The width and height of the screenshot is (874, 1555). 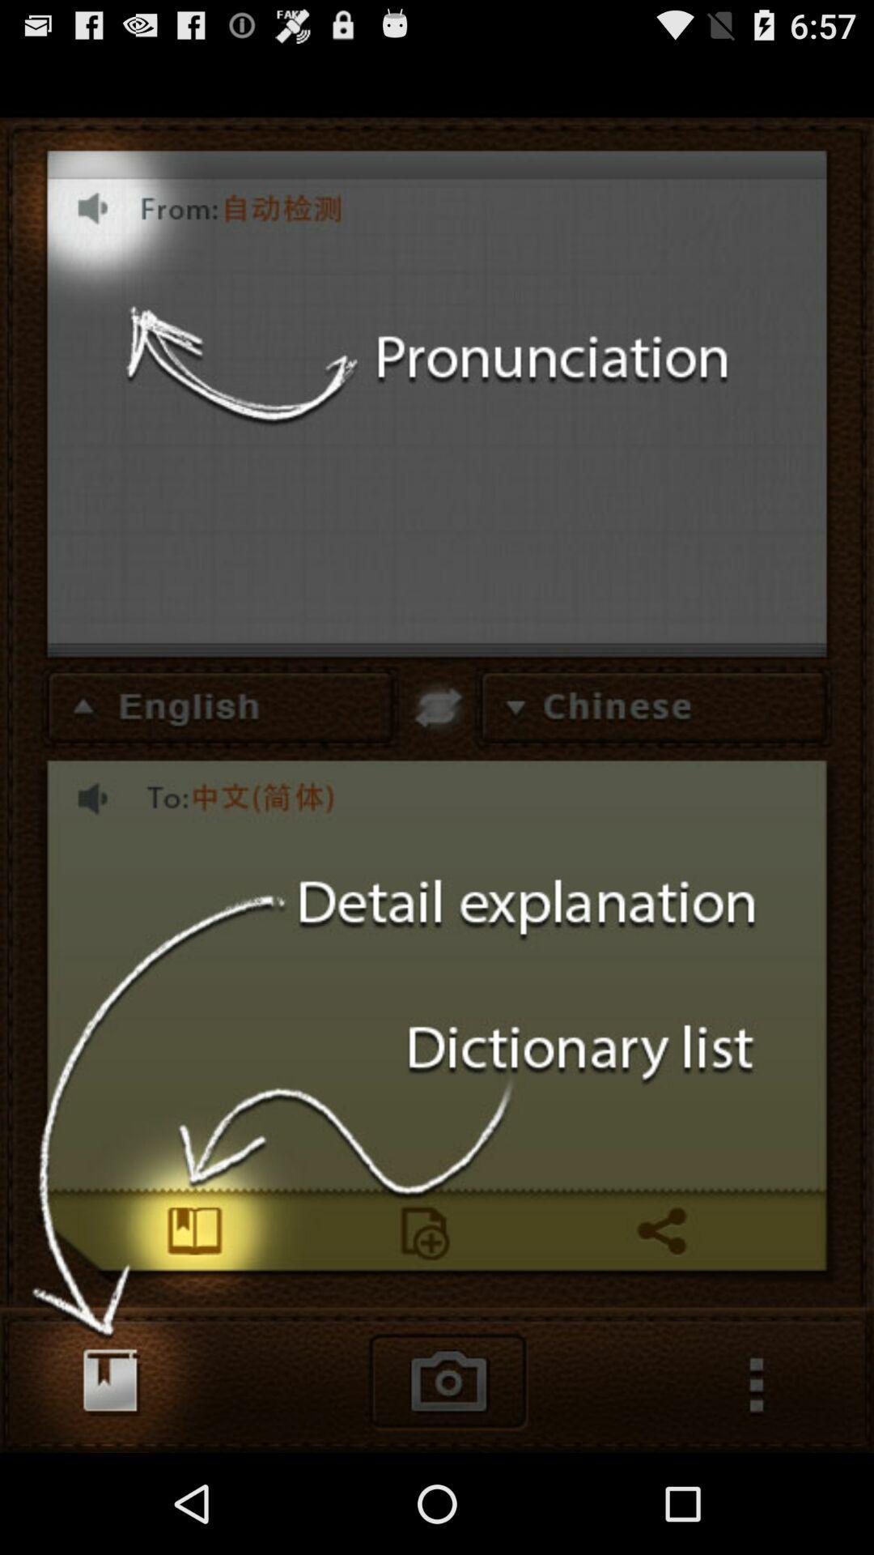 What do you see at coordinates (437, 747) in the screenshot?
I see `the swap icon` at bounding box center [437, 747].